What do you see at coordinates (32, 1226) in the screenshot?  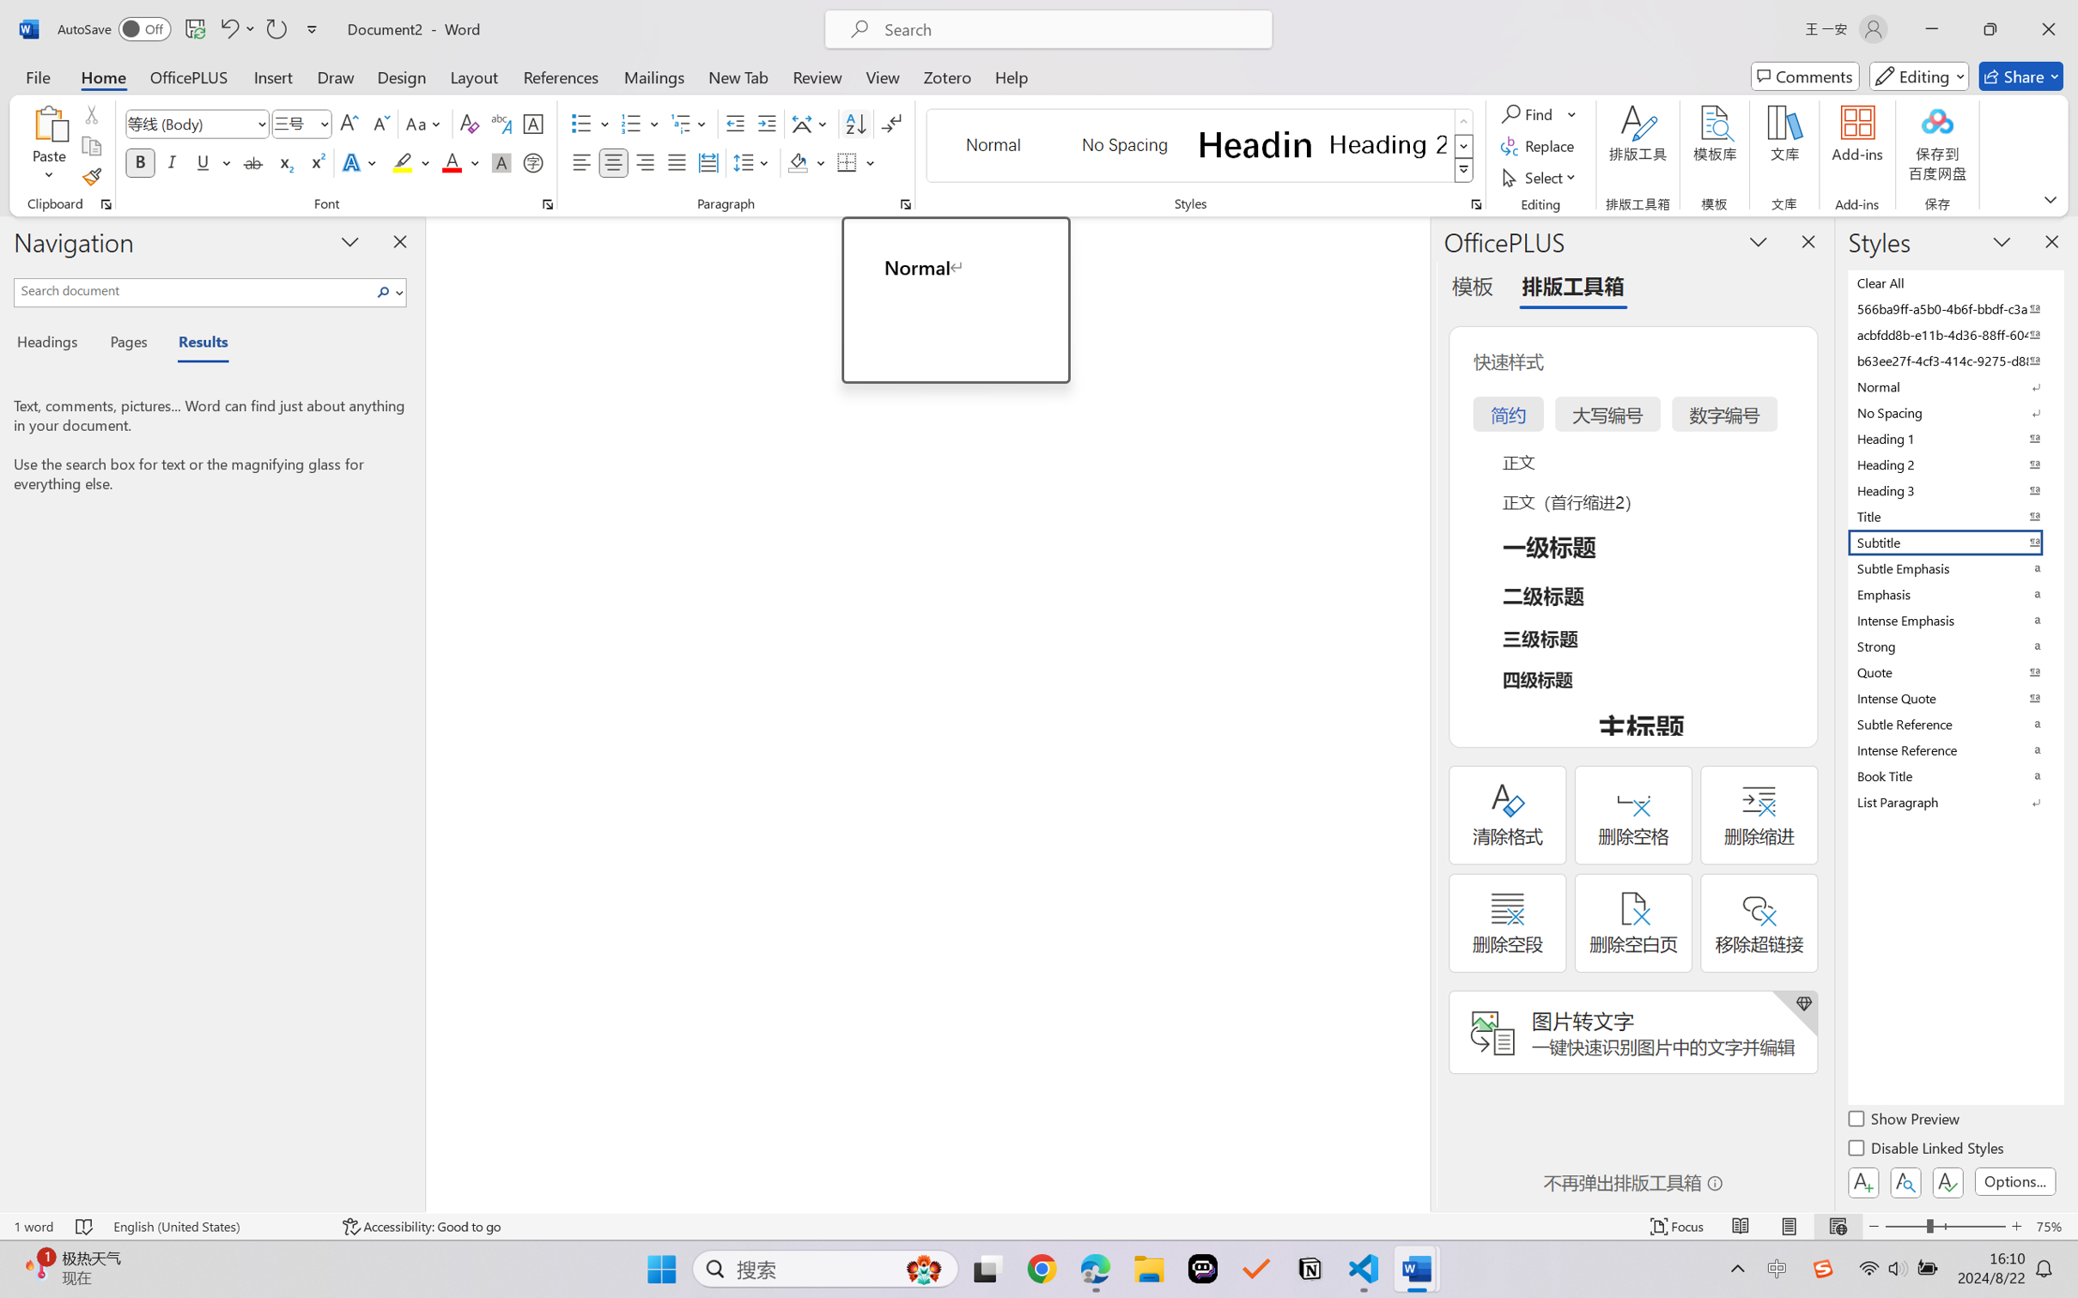 I see `'Word Count 1 word'` at bounding box center [32, 1226].